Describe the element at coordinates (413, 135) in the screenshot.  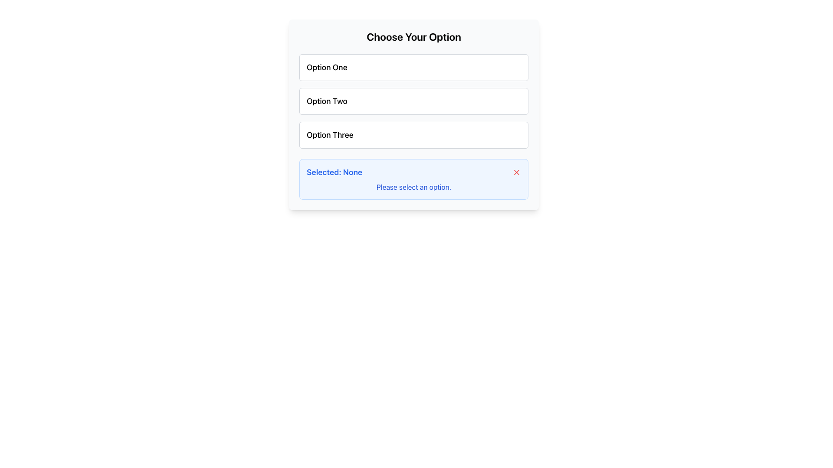
I see `the Button that selects 'Option Three', located in a vertical stack below 'Option Two'` at that location.